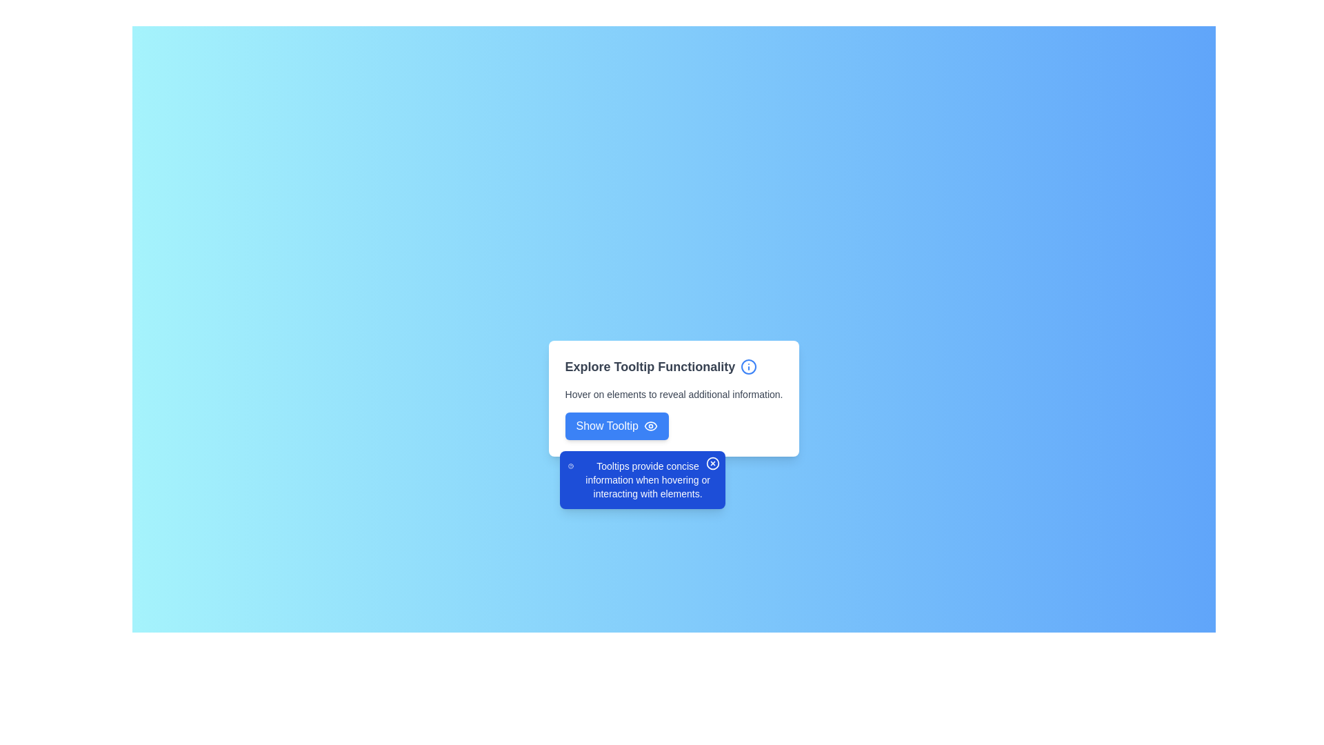 The height and width of the screenshot is (745, 1324). What do you see at coordinates (641, 479) in the screenshot?
I see `the Tooltip box that provides a concise description explaining the purpose of tooltips on the interface` at bounding box center [641, 479].